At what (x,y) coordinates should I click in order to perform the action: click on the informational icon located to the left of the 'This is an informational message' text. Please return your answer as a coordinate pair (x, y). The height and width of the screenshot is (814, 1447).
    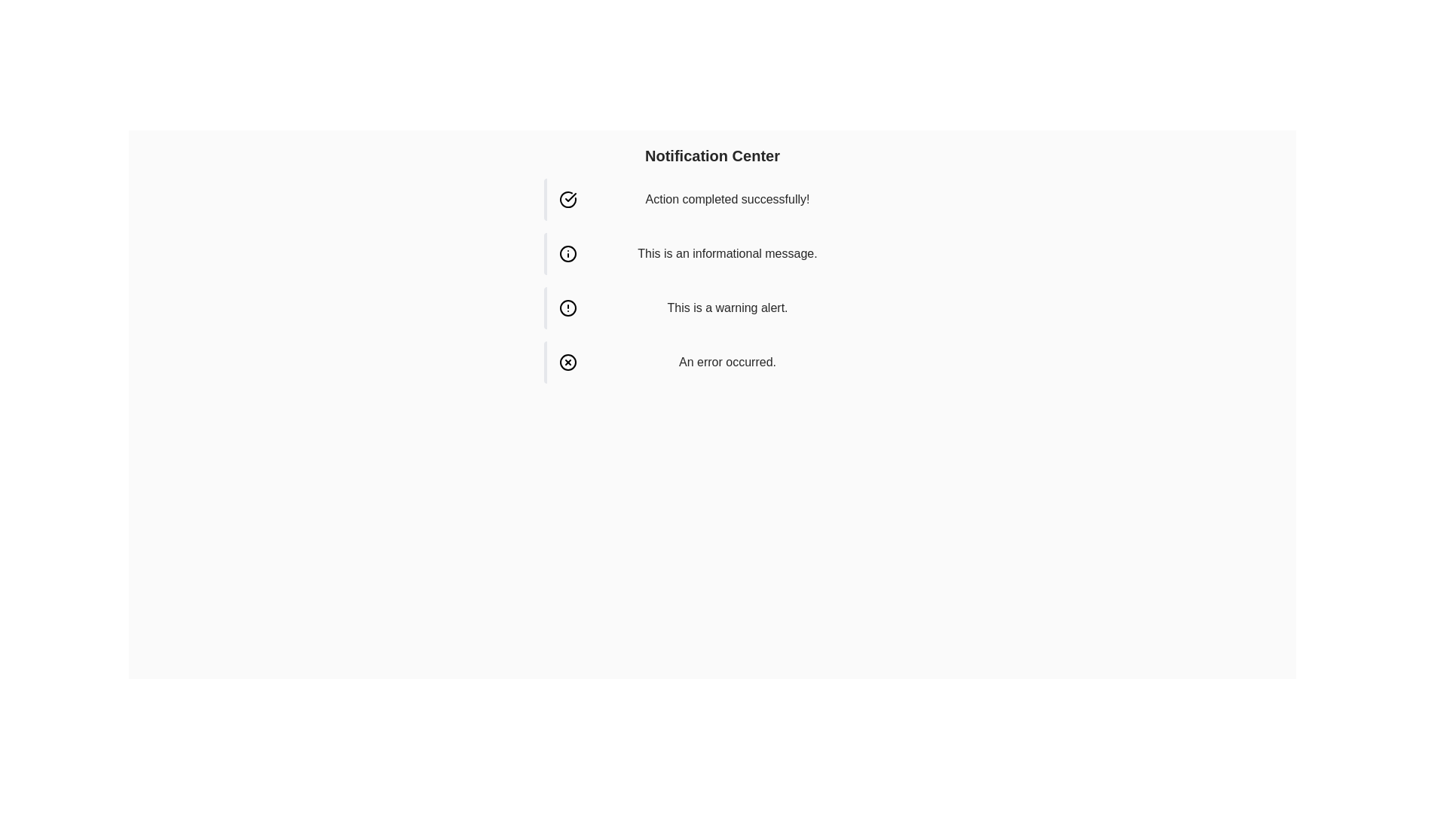
    Looking at the image, I should click on (567, 252).